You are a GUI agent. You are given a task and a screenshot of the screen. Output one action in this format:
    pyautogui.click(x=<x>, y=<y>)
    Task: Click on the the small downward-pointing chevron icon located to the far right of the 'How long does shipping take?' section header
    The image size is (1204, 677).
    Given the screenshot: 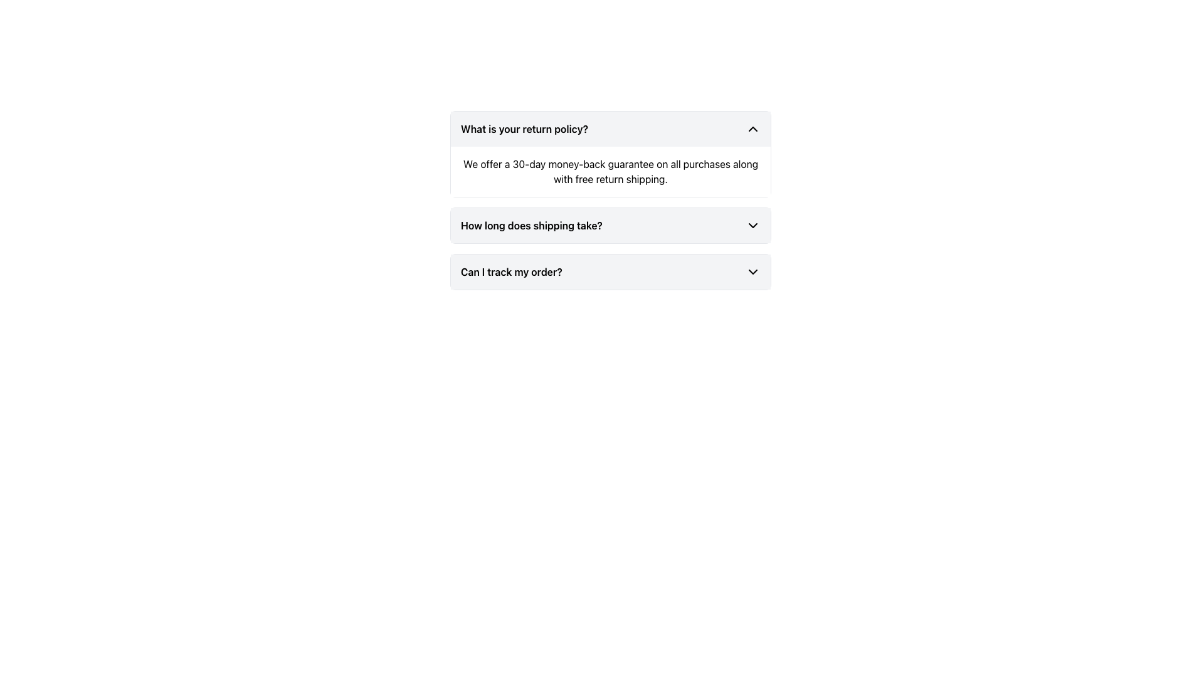 What is the action you would take?
    pyautogui.click(x=752, y=224)
    